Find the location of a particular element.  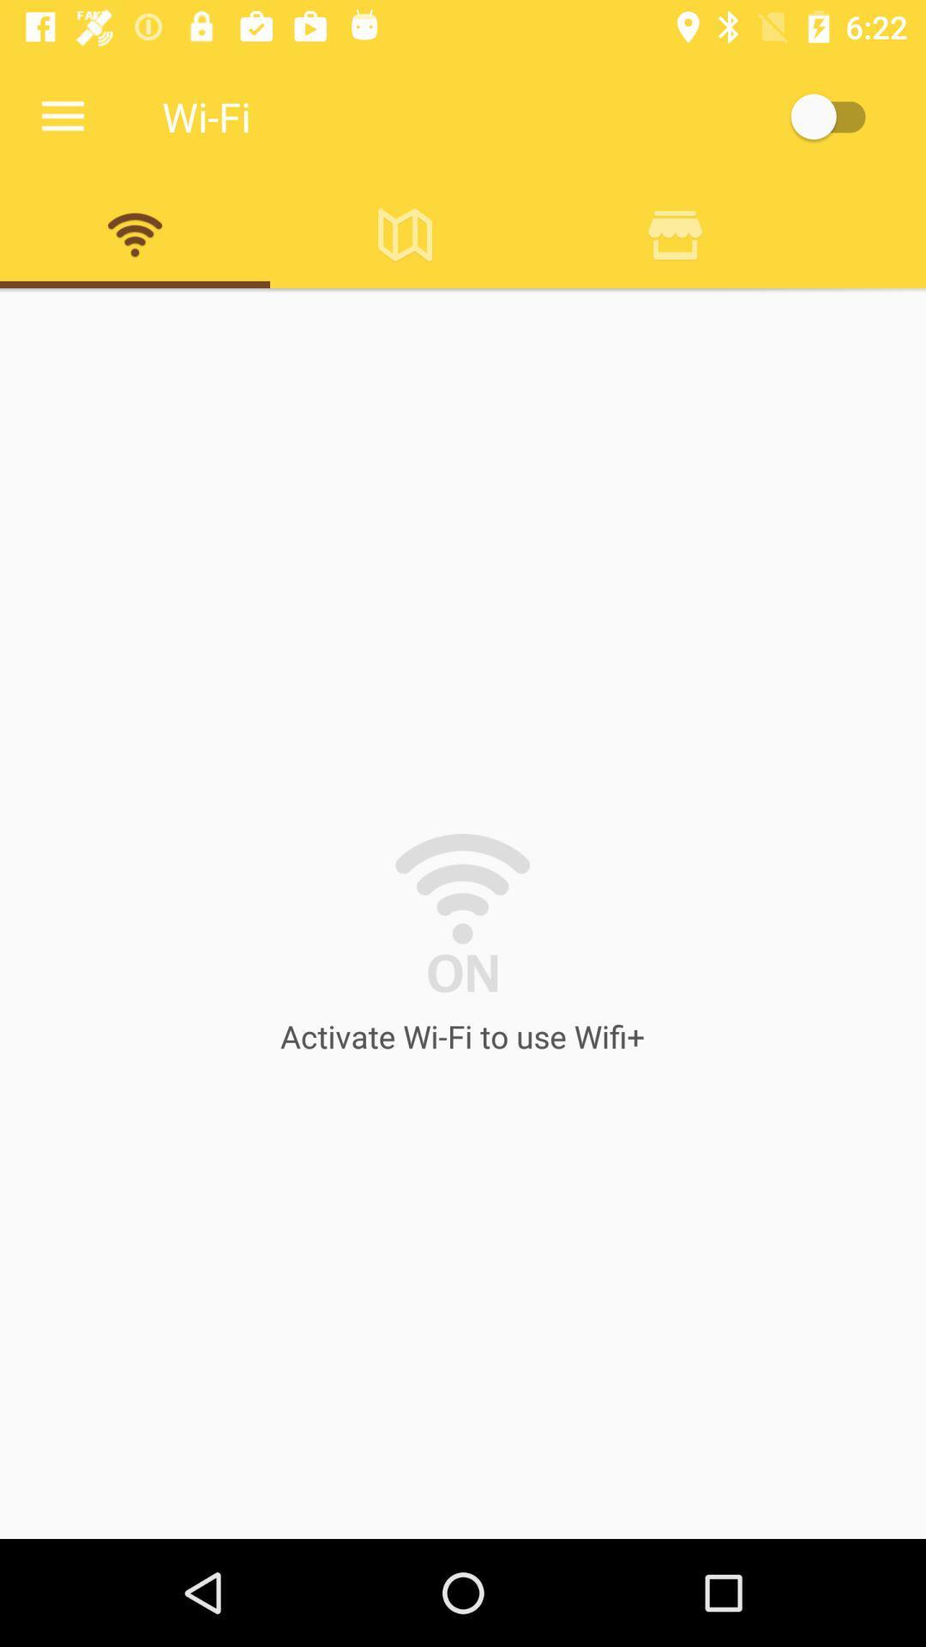

delect button is located at coordinates (674, 233).